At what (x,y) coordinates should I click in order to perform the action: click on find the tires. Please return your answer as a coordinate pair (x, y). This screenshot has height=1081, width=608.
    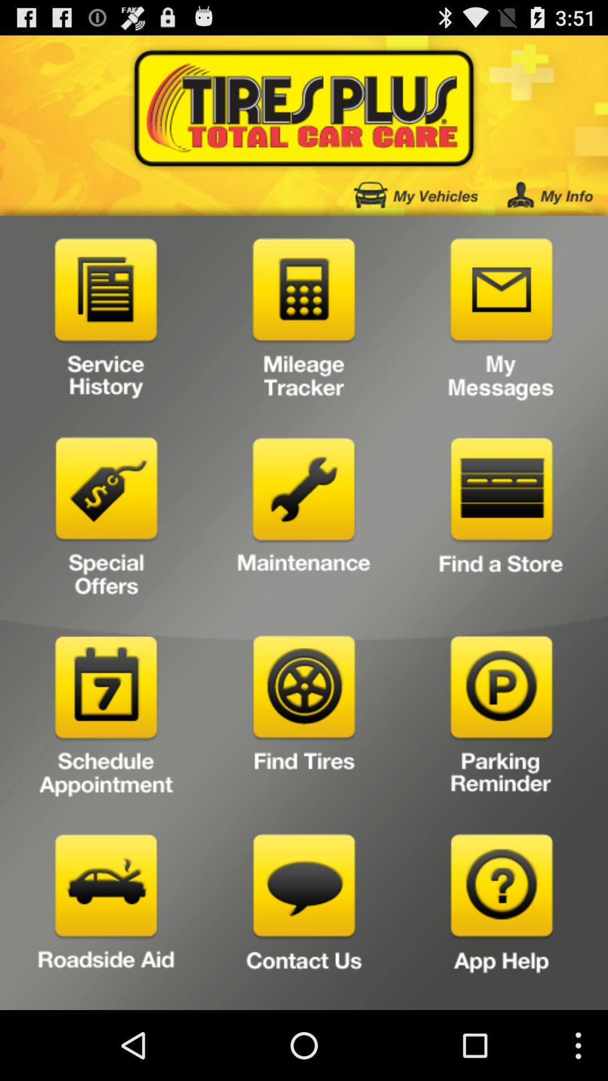
    Looking at the image, I should click on (304, 719).